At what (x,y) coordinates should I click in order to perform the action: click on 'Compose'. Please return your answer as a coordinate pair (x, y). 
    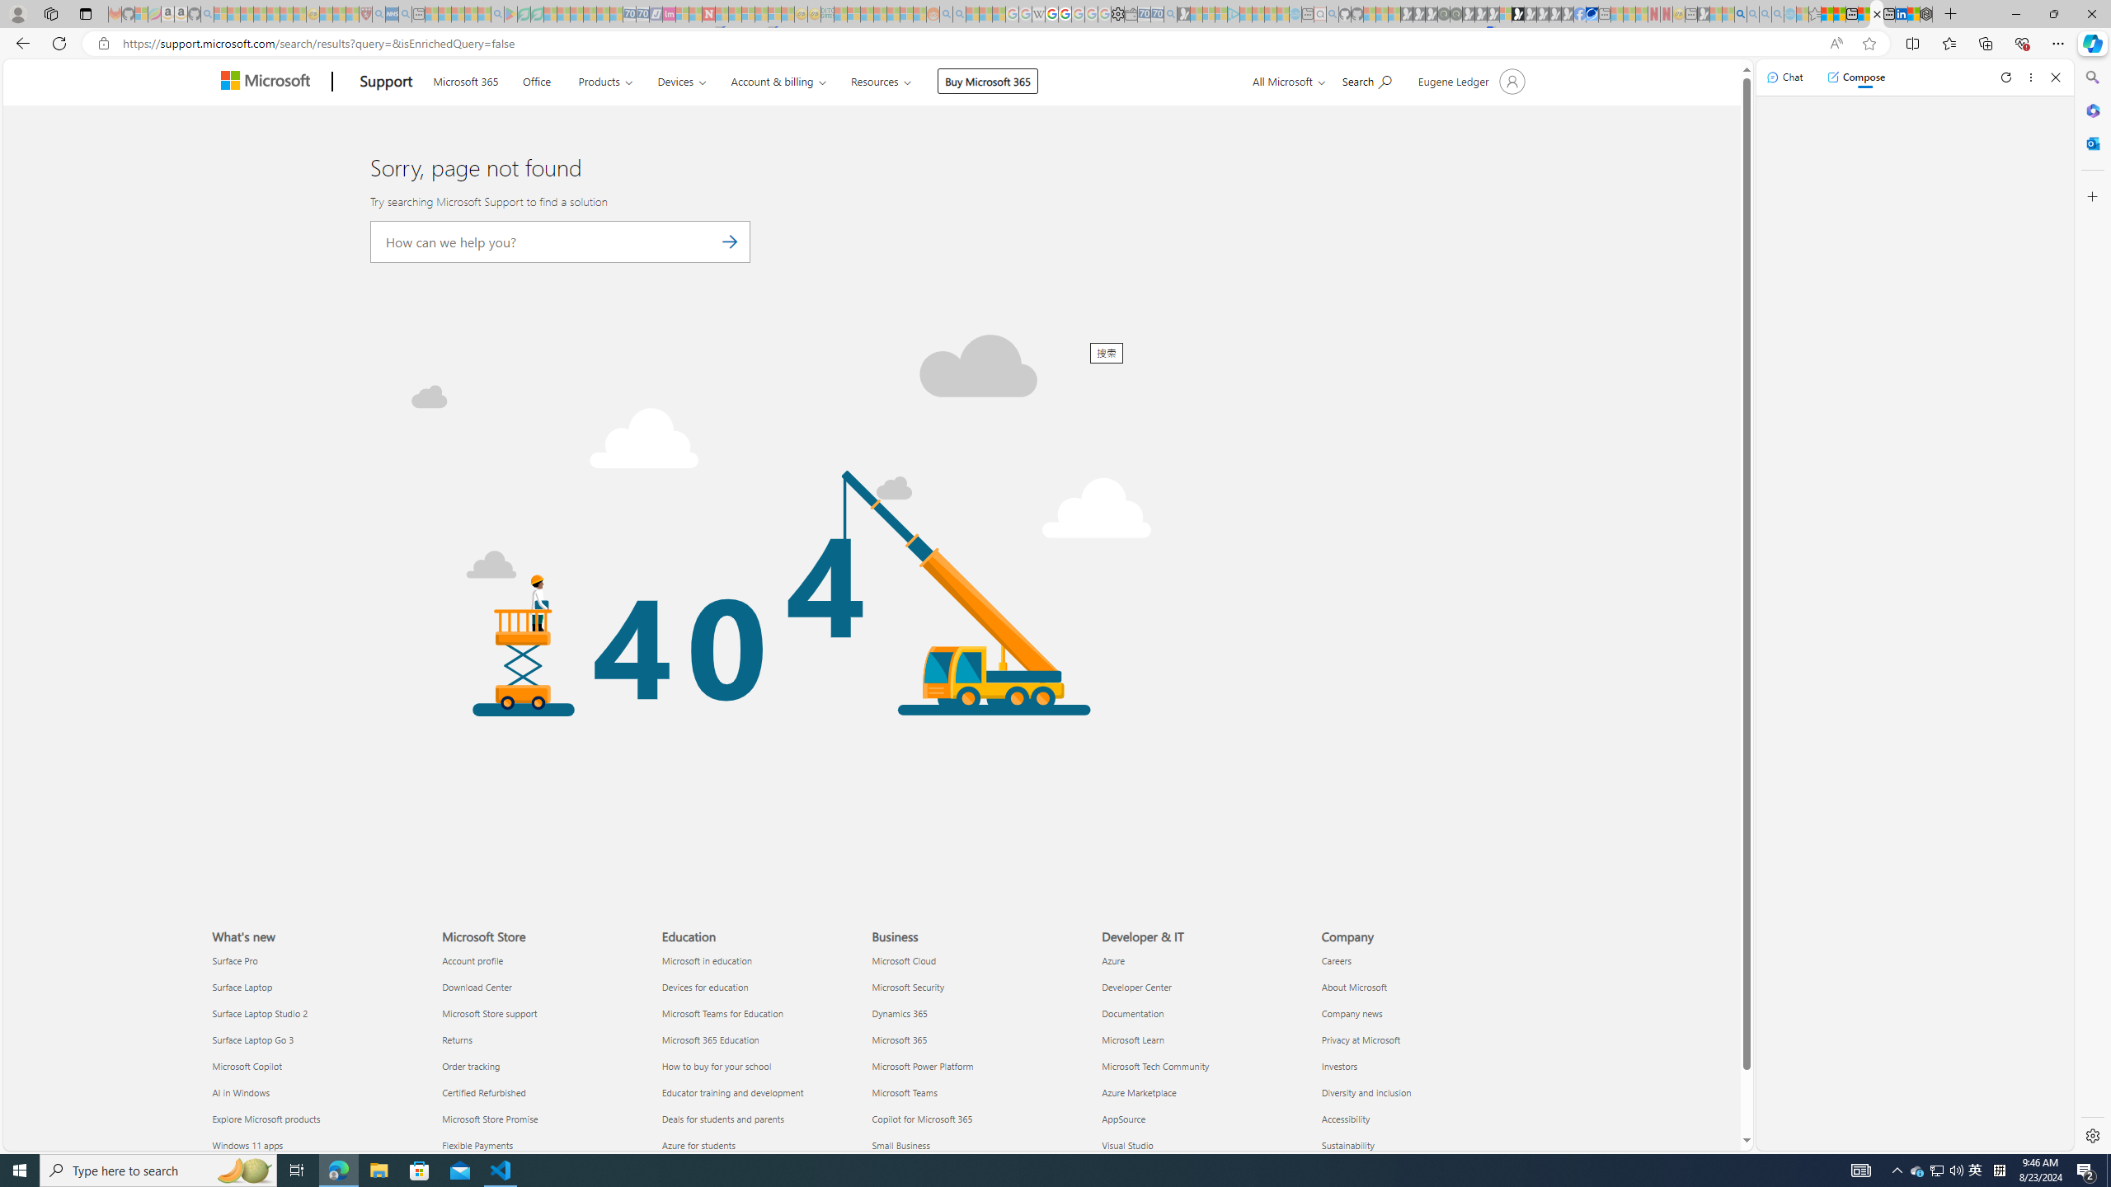
    Looking at the image, I should click on (1855, 76).